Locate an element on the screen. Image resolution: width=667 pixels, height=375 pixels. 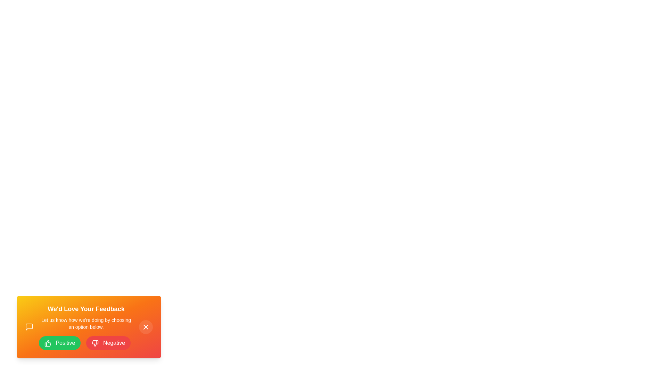
the 'Negative' button to provide feedback is located at coordinates (108, 342).